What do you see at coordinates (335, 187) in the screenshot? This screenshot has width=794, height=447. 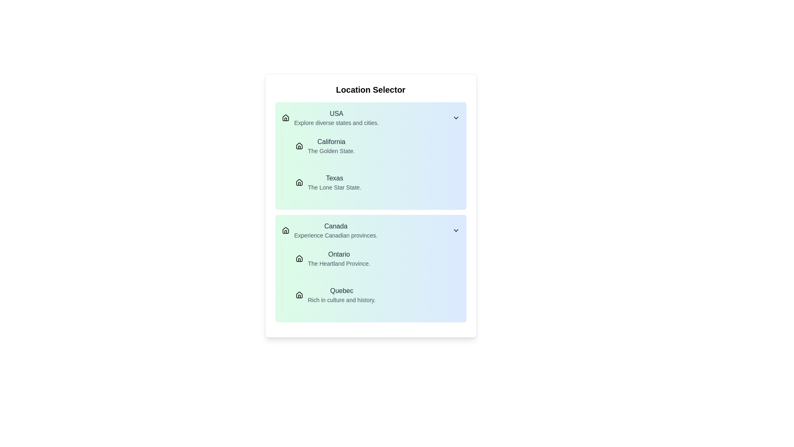 I see `the small text label displaying the phrase 'The Lone Star State' located underneath the 'Texas' label in the location selector component` at bounding box center [335, 187].